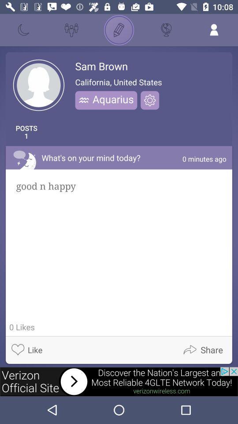 The width and height of the screenshot is (238, 424). Describe the element at coordinates (149, 100) in the screenshot. I see `the settings icon` at that location.